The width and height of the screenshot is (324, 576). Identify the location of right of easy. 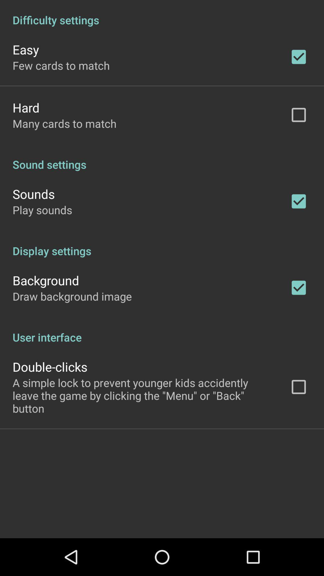
(298, 57).